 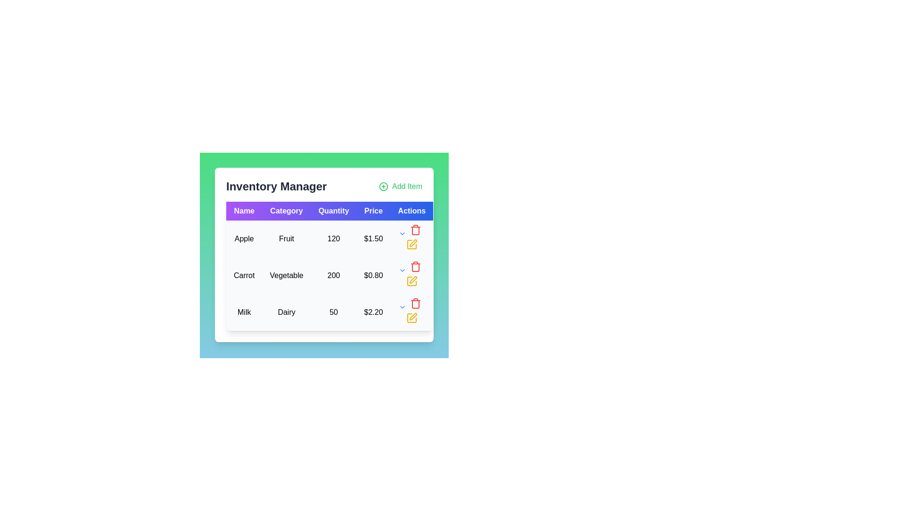 What do you see at coordinates (383, 187) in the screenshot?
I see `the SVG Circle element that serves as the visual boundary for the 'Add Item' button icon located in the top-right corner of the 'Inventory Manager' card` at bounding box center [383, 187].